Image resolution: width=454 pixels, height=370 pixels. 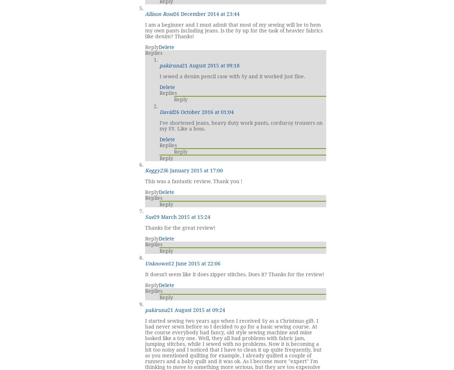 I want to click on 'Unknown', so click(x=156, y=263).